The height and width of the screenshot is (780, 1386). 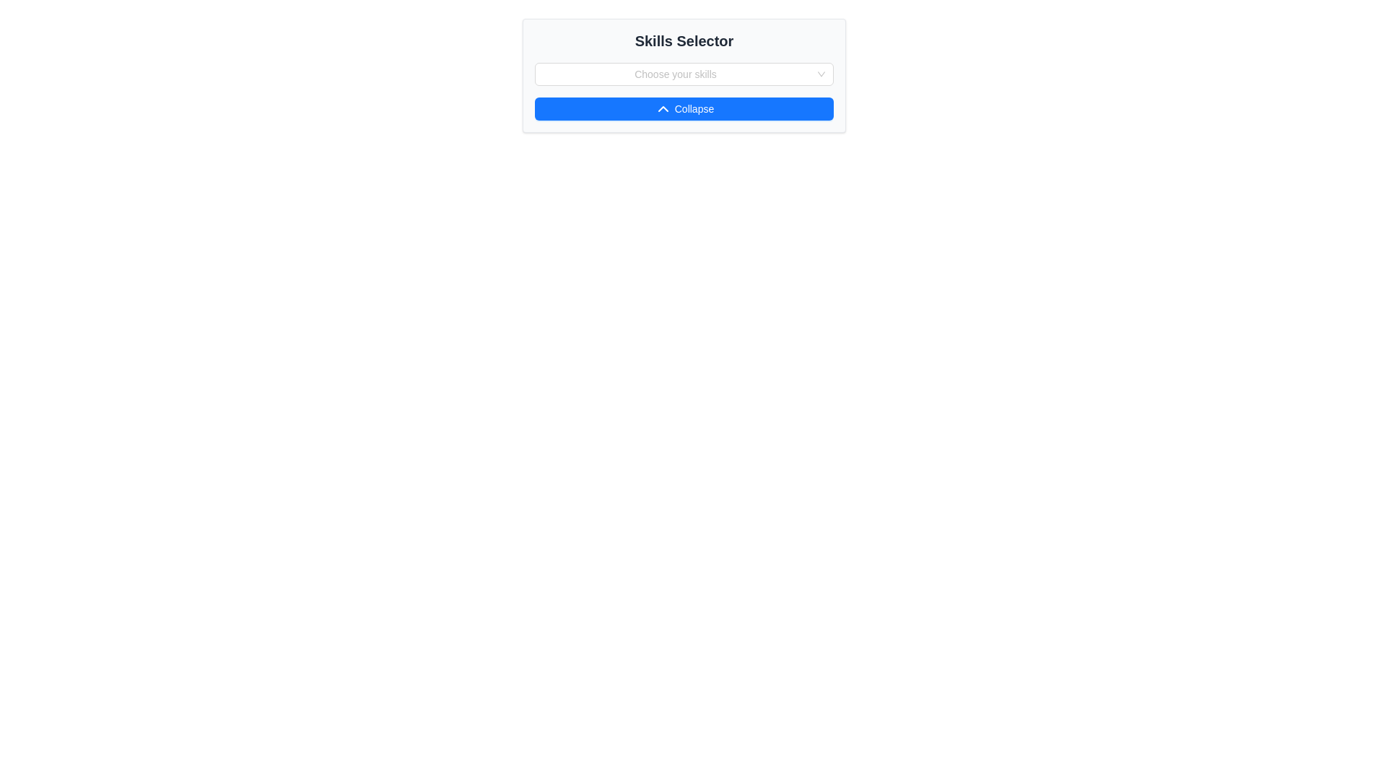 I want to click on the Multi-select dropdown input located centrally within the 'Skills Selector' card, so click(x=684, y=74).